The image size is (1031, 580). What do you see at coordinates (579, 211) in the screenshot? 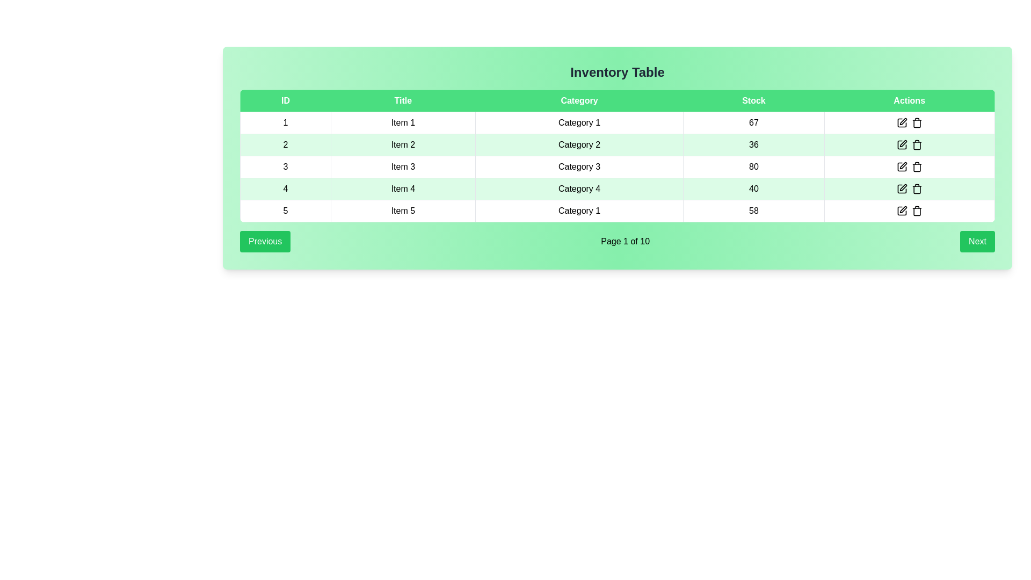
I see `the text label displaying 'Category 1' located in the table row for 'Item 5', which is the third cell in its row` at bounding box center [579, 211].